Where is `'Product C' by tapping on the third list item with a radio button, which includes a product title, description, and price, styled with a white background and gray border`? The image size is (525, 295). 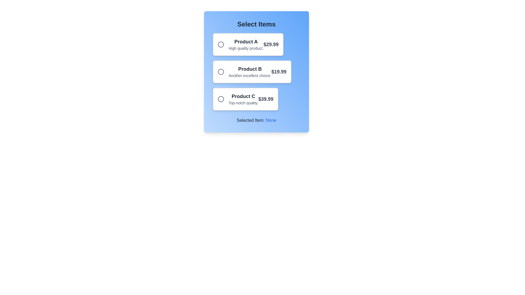
'Product C' by tapping on the third list item with a radio button, which includes a product title, description, and price, styled with a white background and gray border is located at coordinates (245, 99).